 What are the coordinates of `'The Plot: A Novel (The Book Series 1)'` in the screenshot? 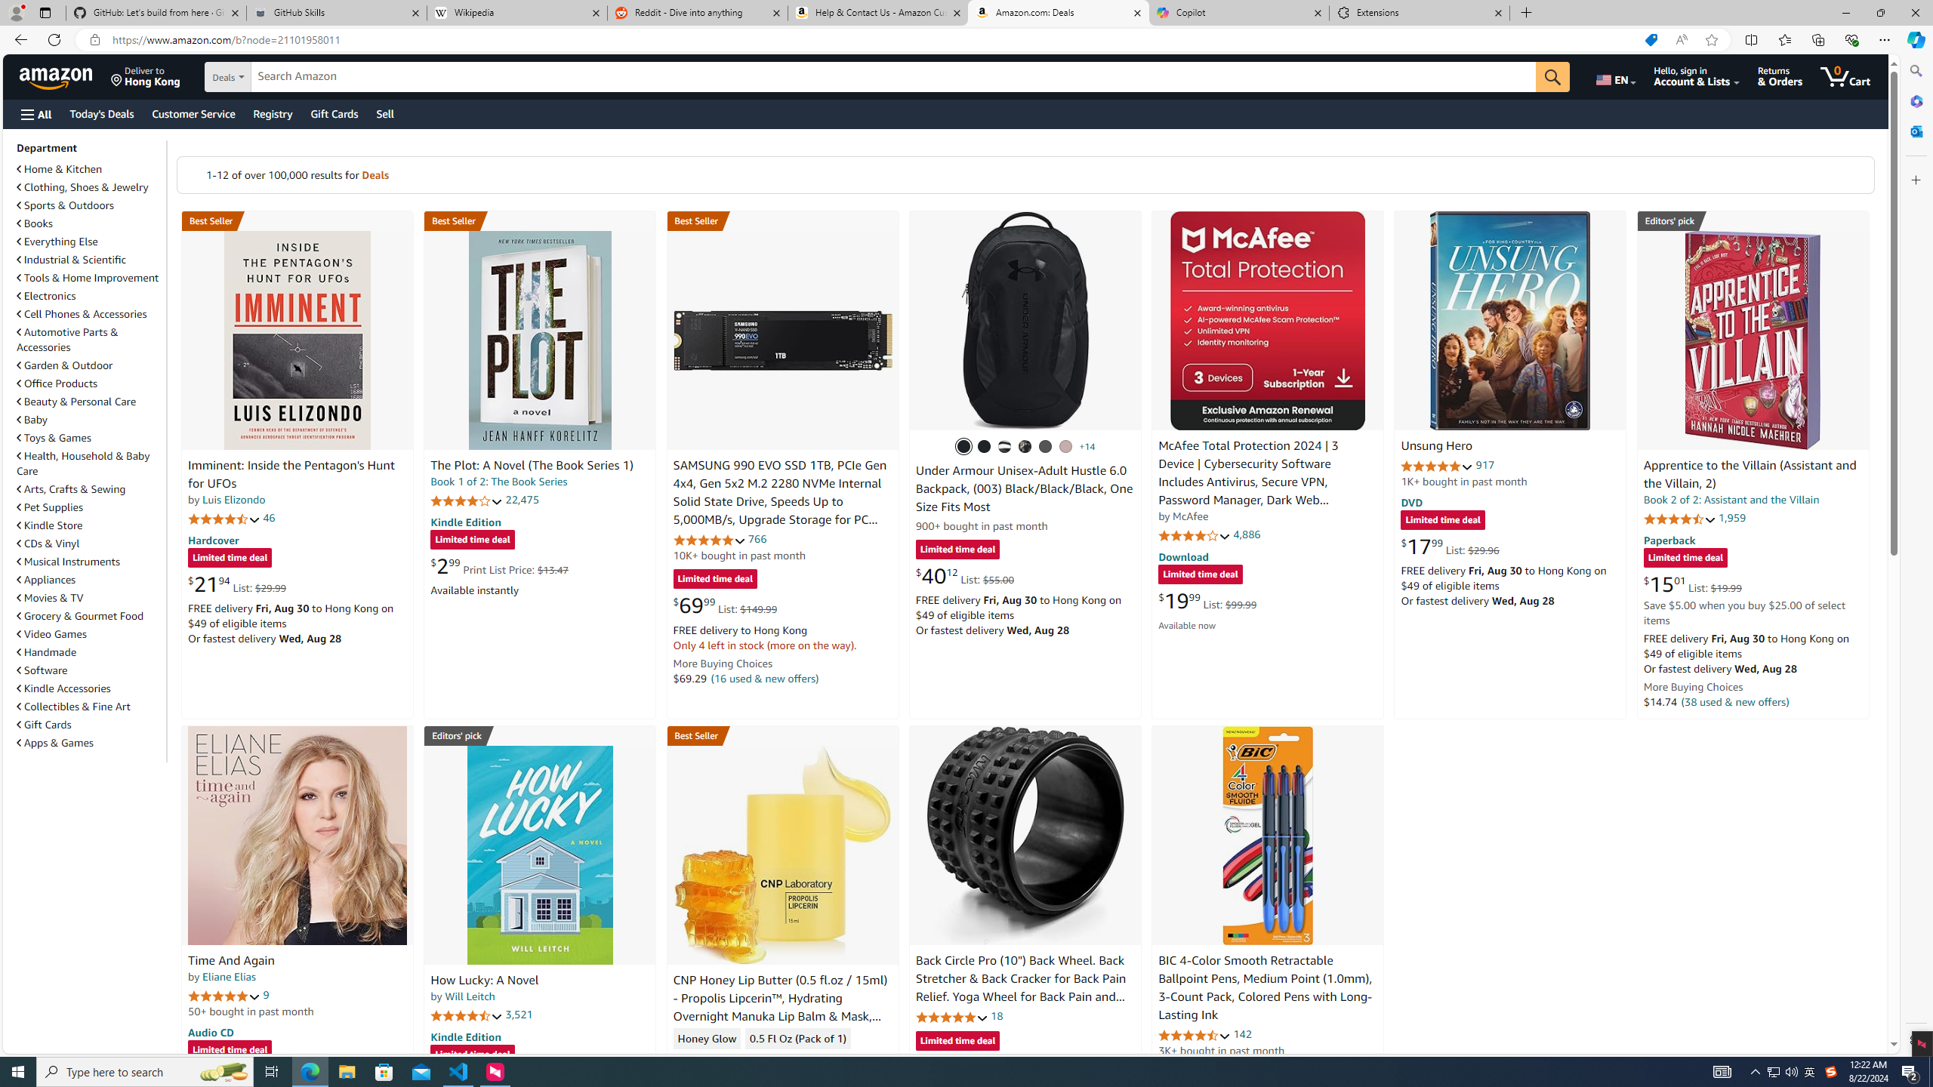 It's located at (532, 465).